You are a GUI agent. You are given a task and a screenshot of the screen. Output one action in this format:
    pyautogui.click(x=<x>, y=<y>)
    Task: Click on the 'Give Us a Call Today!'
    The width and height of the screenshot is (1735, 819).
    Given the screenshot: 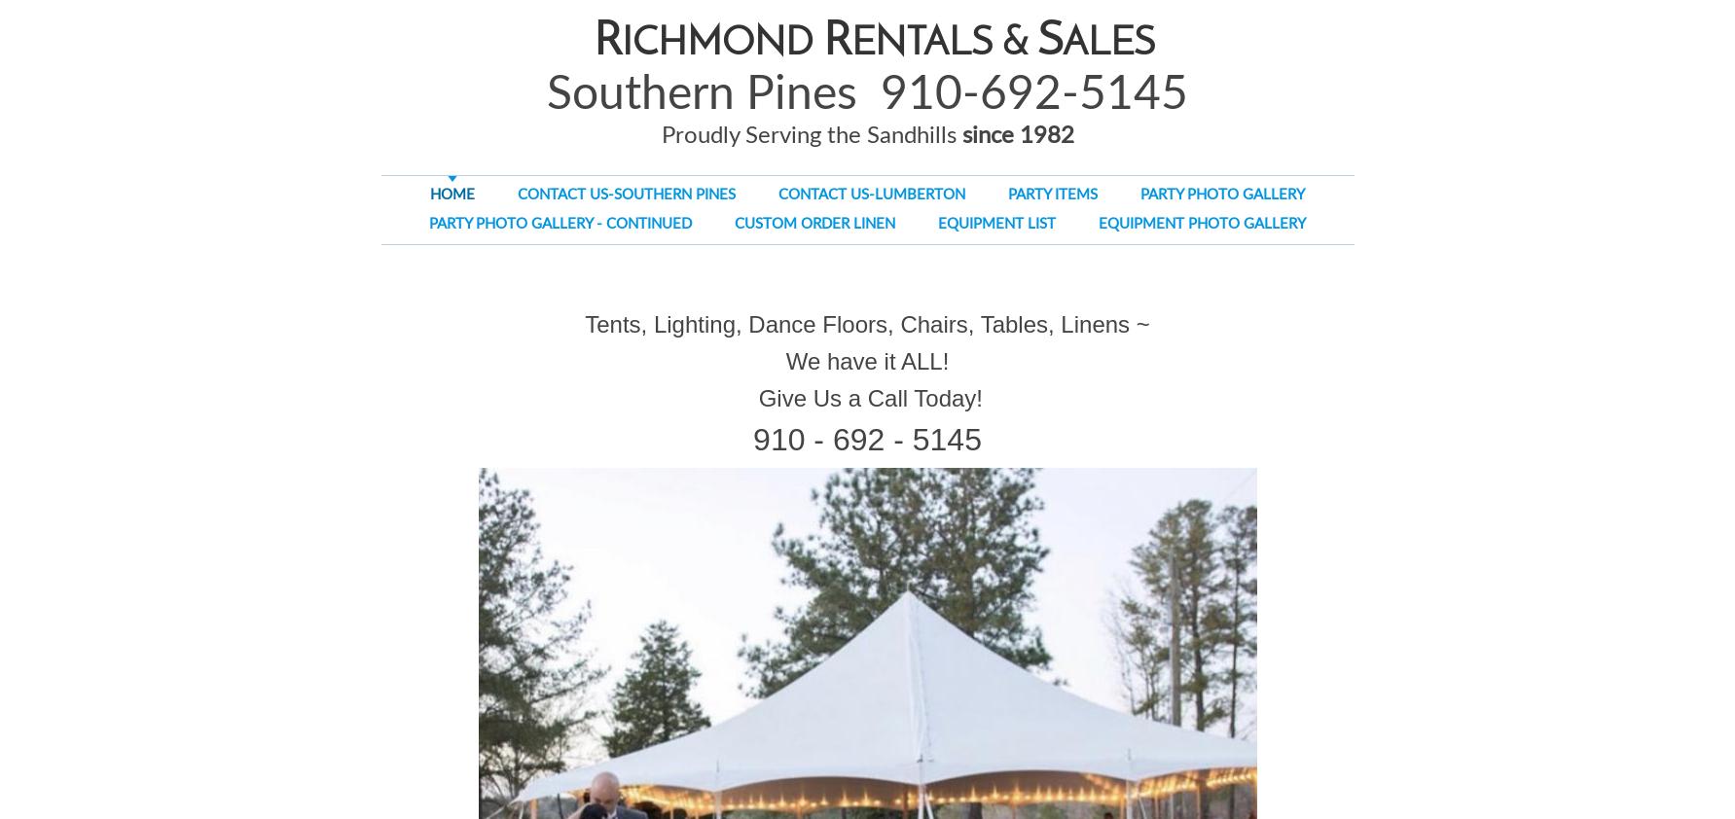 What is the action you would take?
    pyautogui.click(x=750, y=398)
    